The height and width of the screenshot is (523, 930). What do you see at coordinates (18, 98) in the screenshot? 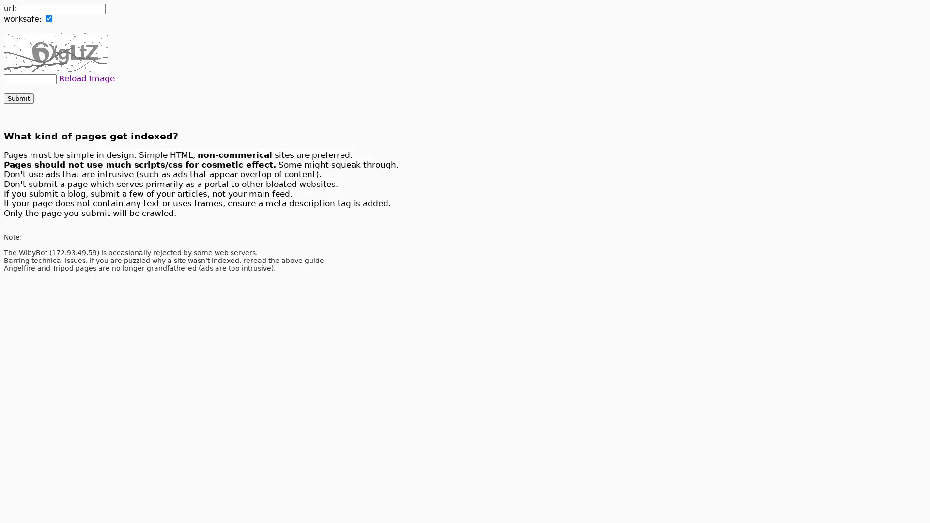
I see `Submit` at bounding box center [18, 98].